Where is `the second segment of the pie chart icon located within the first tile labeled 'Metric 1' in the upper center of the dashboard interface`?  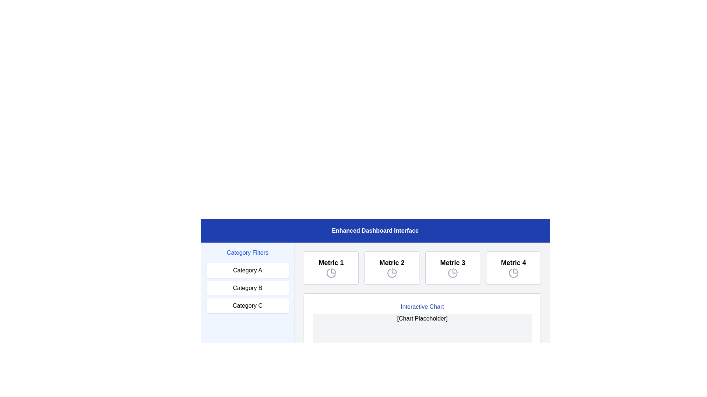
the second segment of the pie chart icon located within the first tile labeled 'Metric 1' in the upper center of the dashboard interface is located at coordinates (330, 273).